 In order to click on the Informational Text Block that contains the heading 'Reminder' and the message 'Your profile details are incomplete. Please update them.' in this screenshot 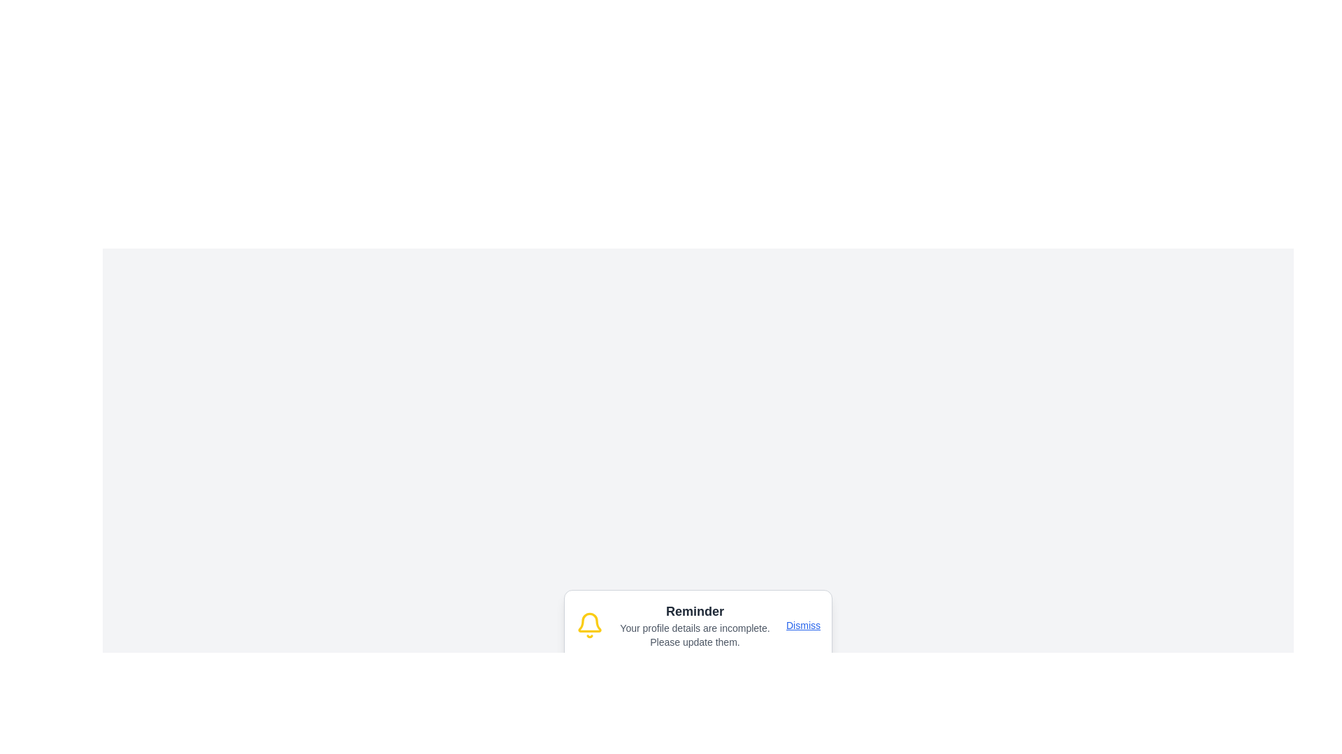, I will do `click(695, 624)`.